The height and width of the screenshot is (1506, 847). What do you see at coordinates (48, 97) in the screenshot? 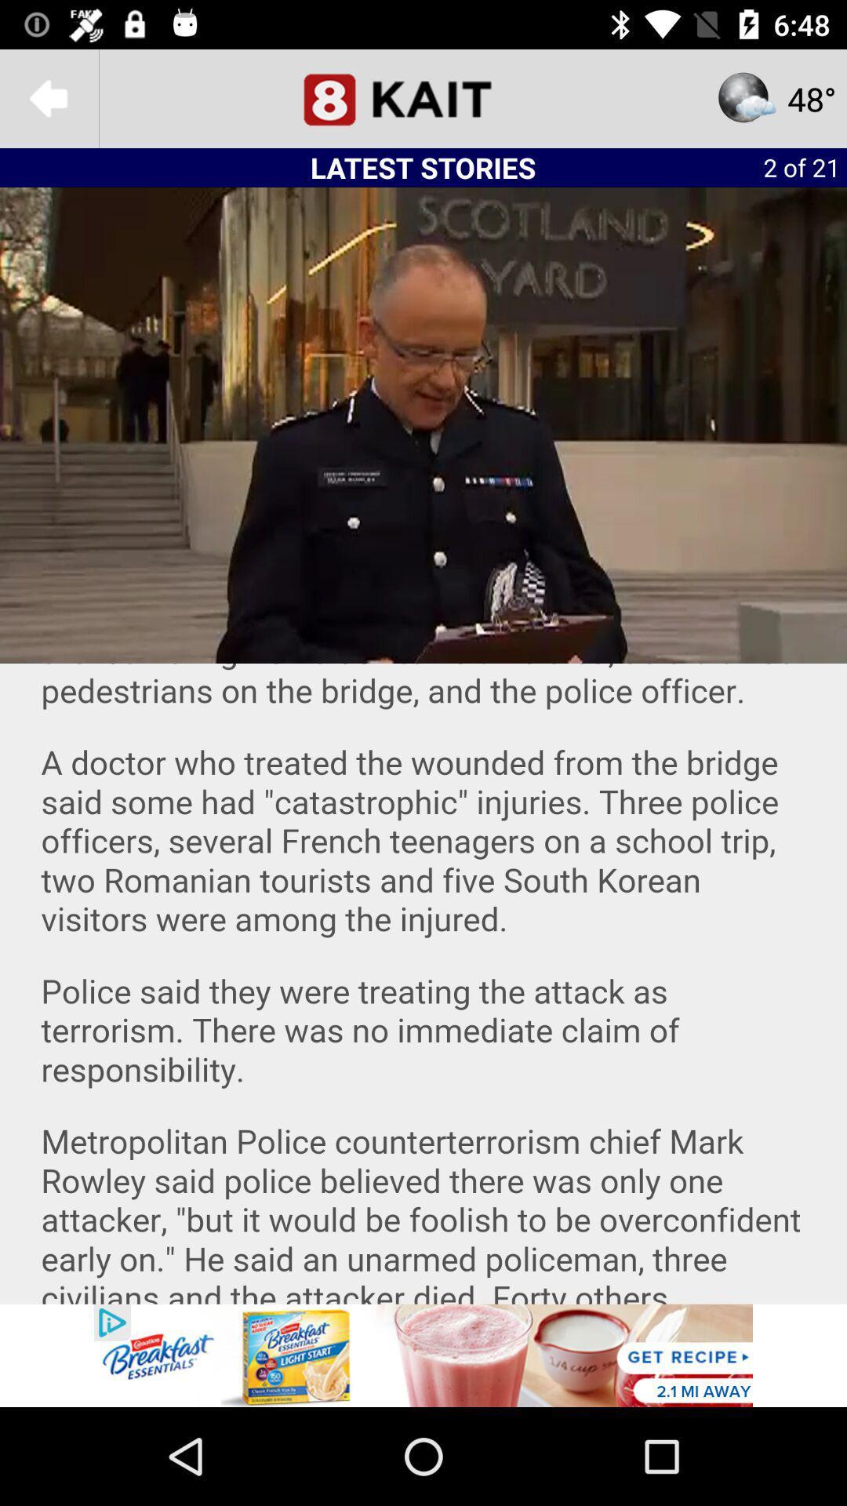
I see `the arrow_backward icon` at bounding box center [48, 97].